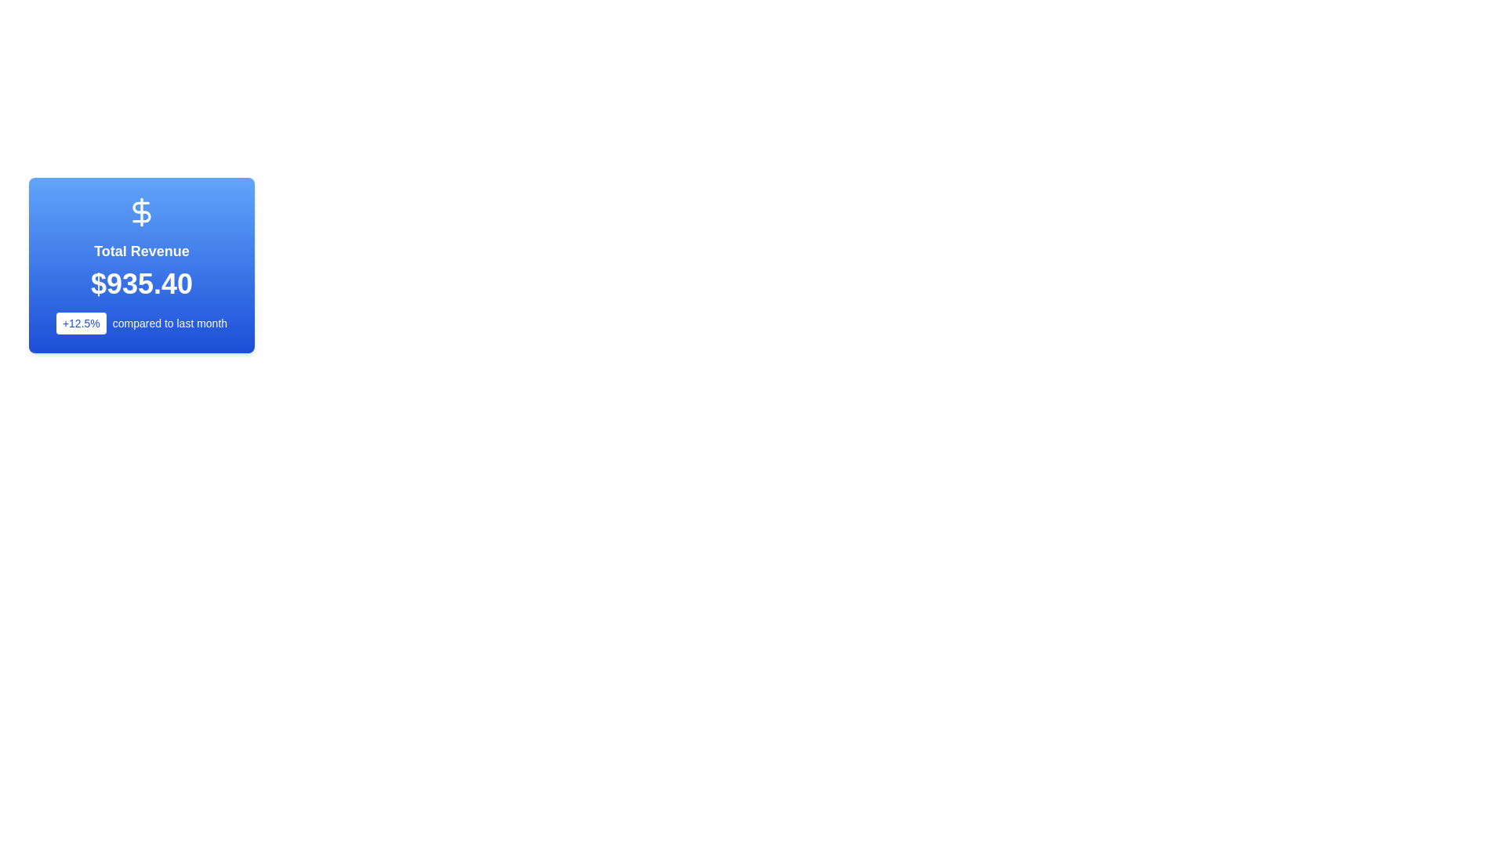 The image size is (1505, 846). What do you see at coordinates (142, 284) in the screenshot?
I see `the bold, large, white text displaying the value '$935.40', which is located beneath the 'Total Revenue' heading inside a card-like section, centered within it` at bounding box center [142, 284].